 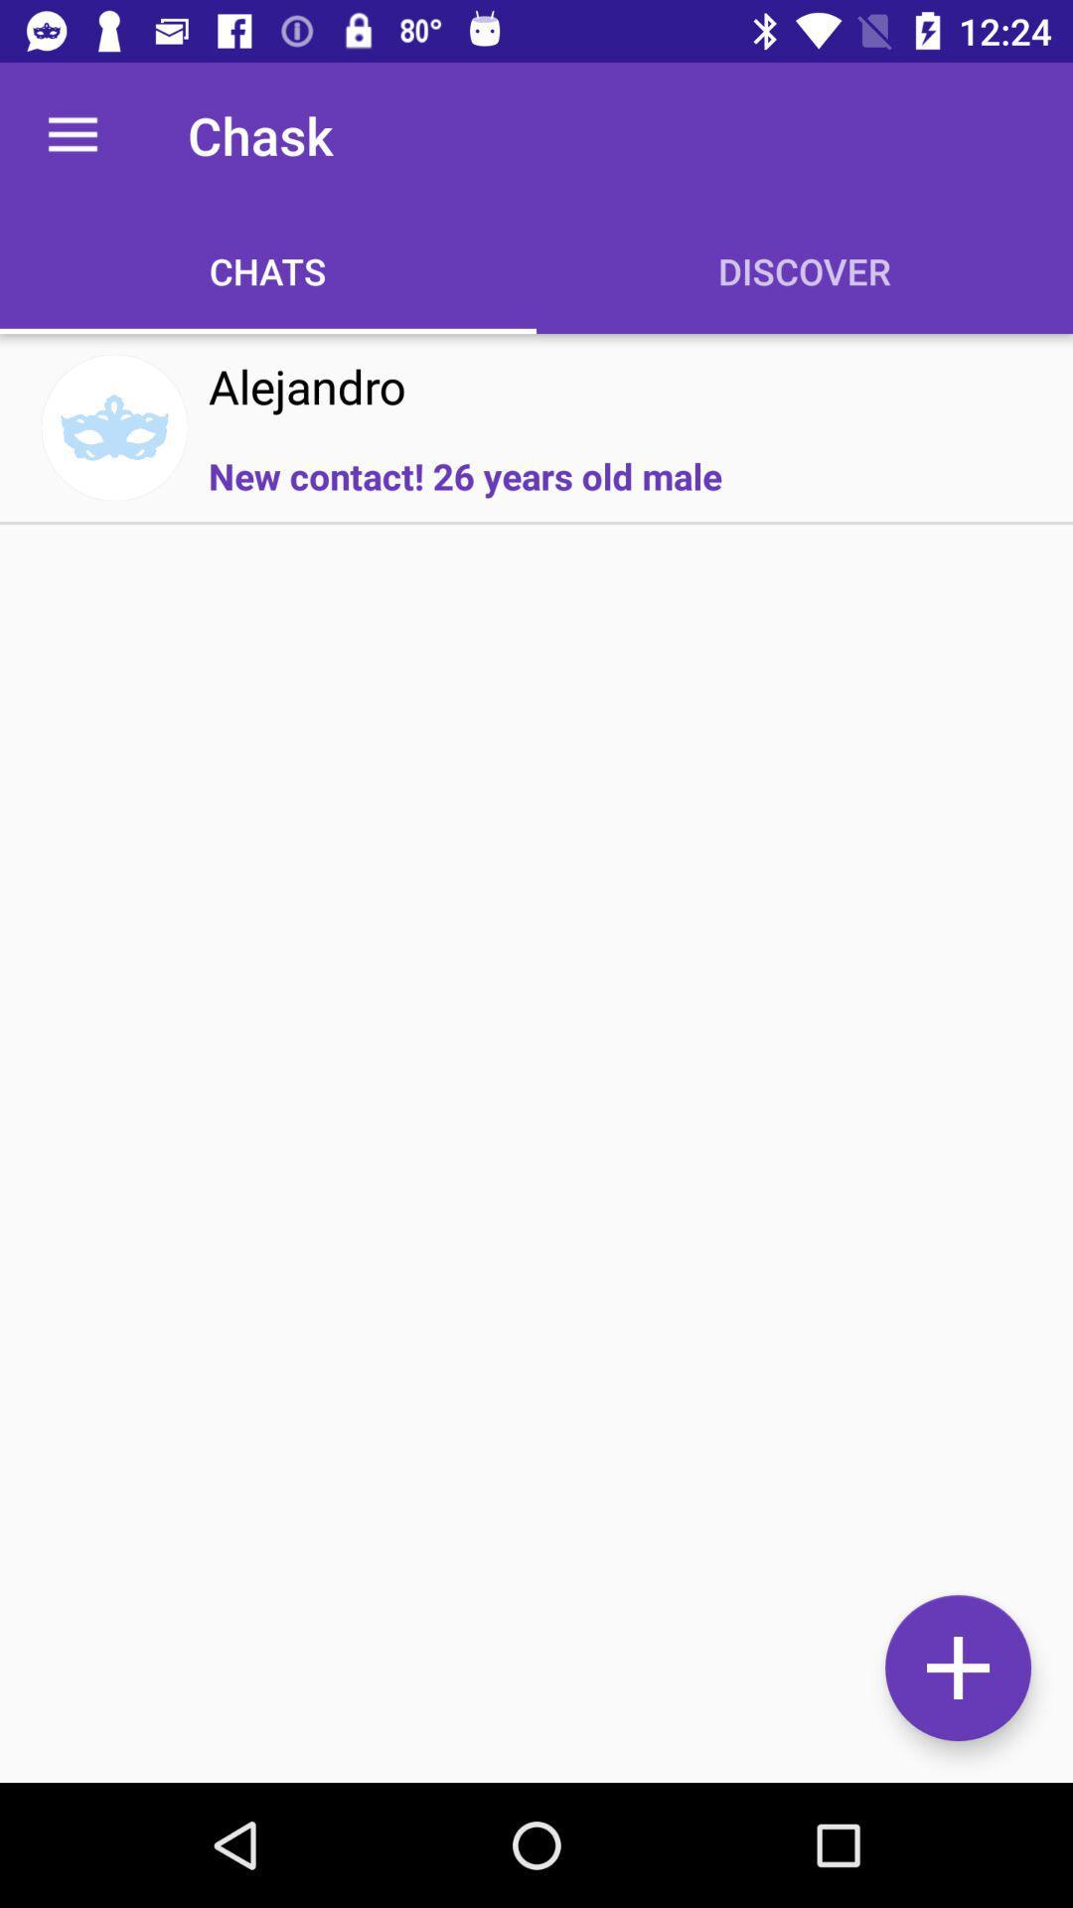 I want to click on the icon next to the chask icon, so click(x=72, y=134).